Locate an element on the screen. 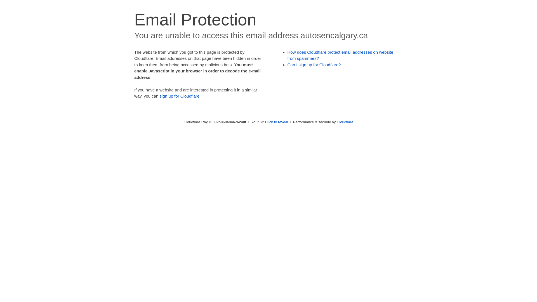 Image resolution: width=537 pixels, height=302 pixels. 'sign up for Cloudflare' is located at coordinates (159, 96).